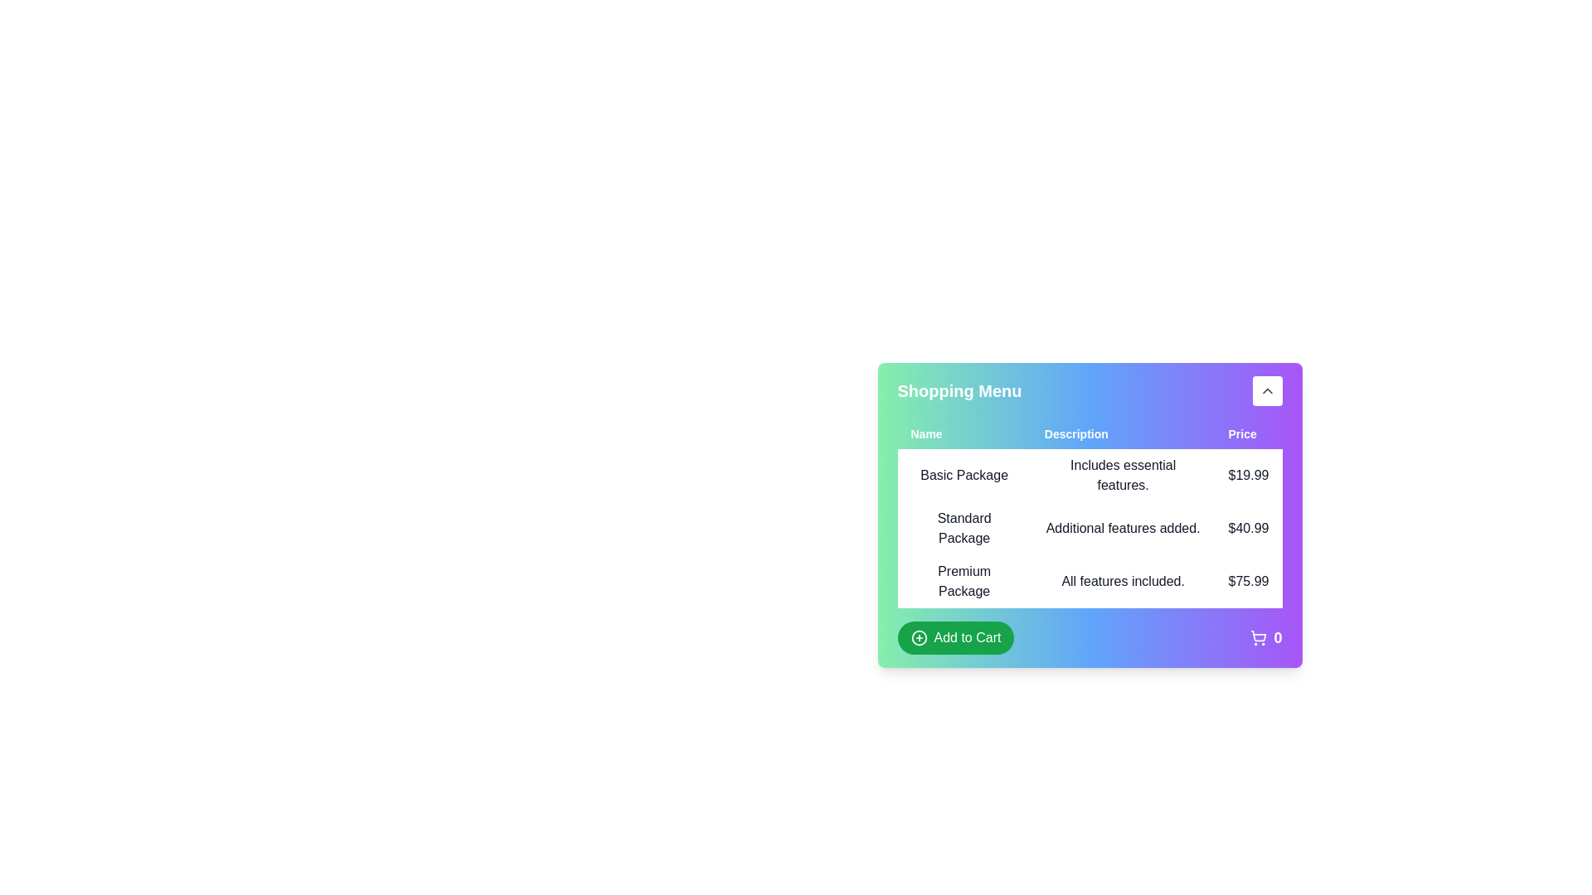 The image size is (1592, 895). I want to click on the informational text label that provides additional details about the 'Basic Package' in the pricing table, located in the second column under the 'Description' heading, so click(1123, 476).